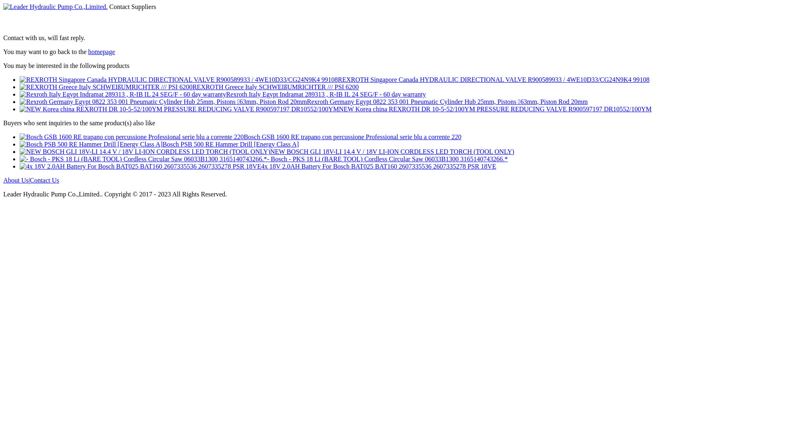 This screenshot has width=786, height=442. Describe the element at coordinates (55, 7) in the screenshot. I see `'Leader Hydraulic Pump Co.,Limited.'` at that location.